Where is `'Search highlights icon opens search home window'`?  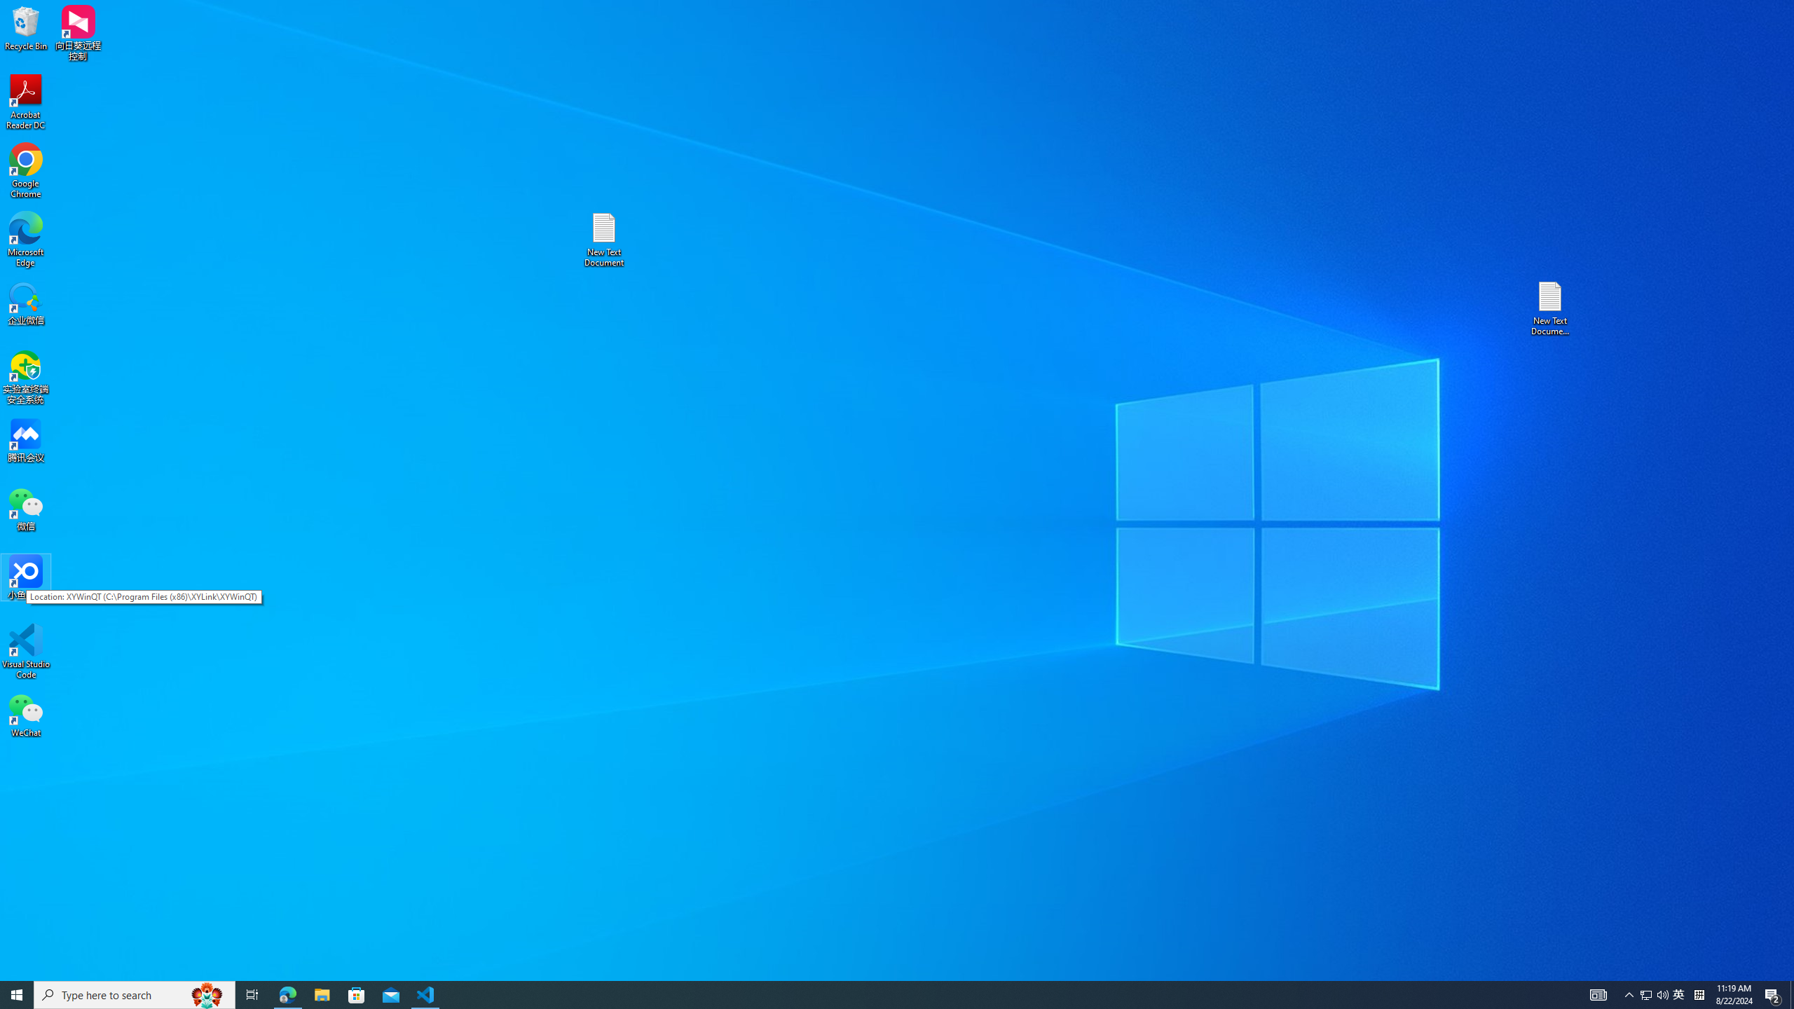
'Search highlights icon opens search home window' is located at coordinates (206, 994).